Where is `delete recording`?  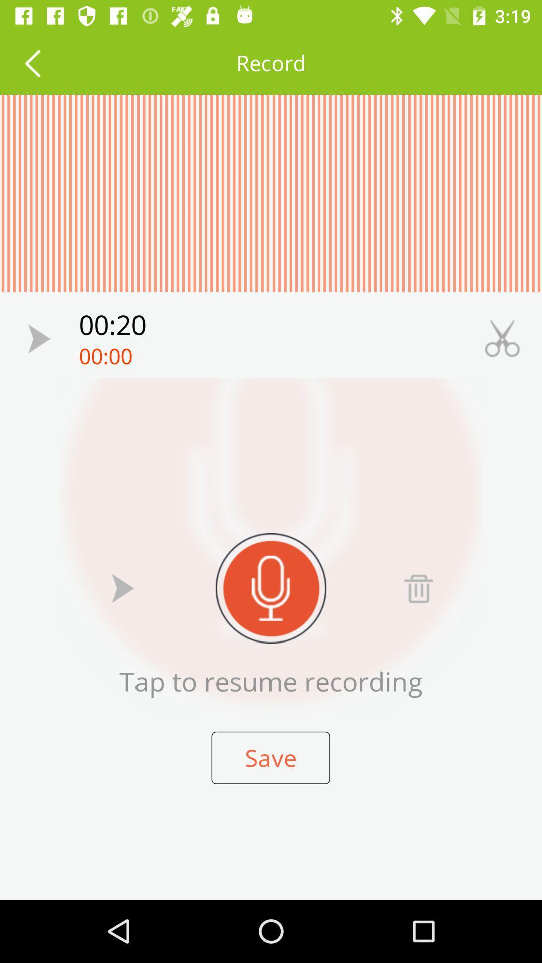
delete recording is located at coordinates (418, 588).